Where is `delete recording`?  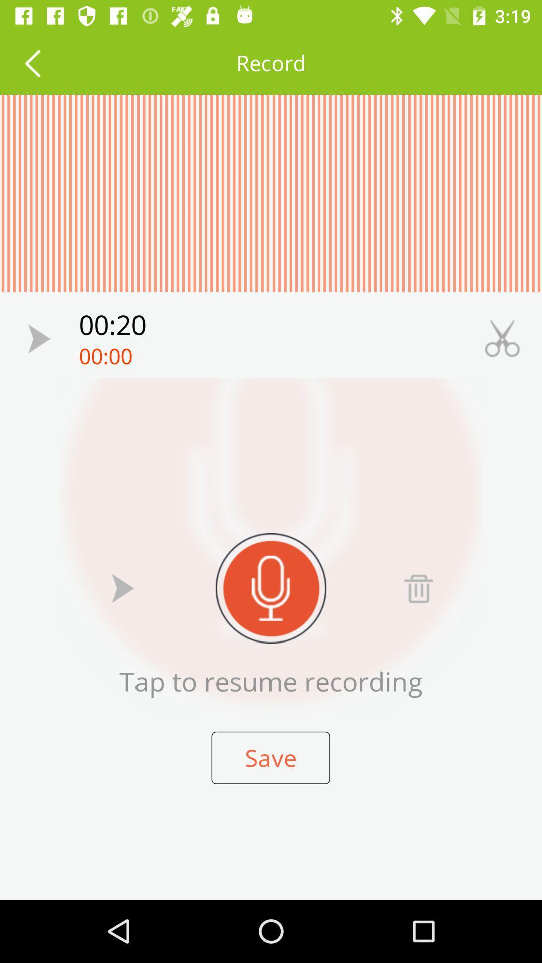
delete recording is located at coordinates (418, 588).